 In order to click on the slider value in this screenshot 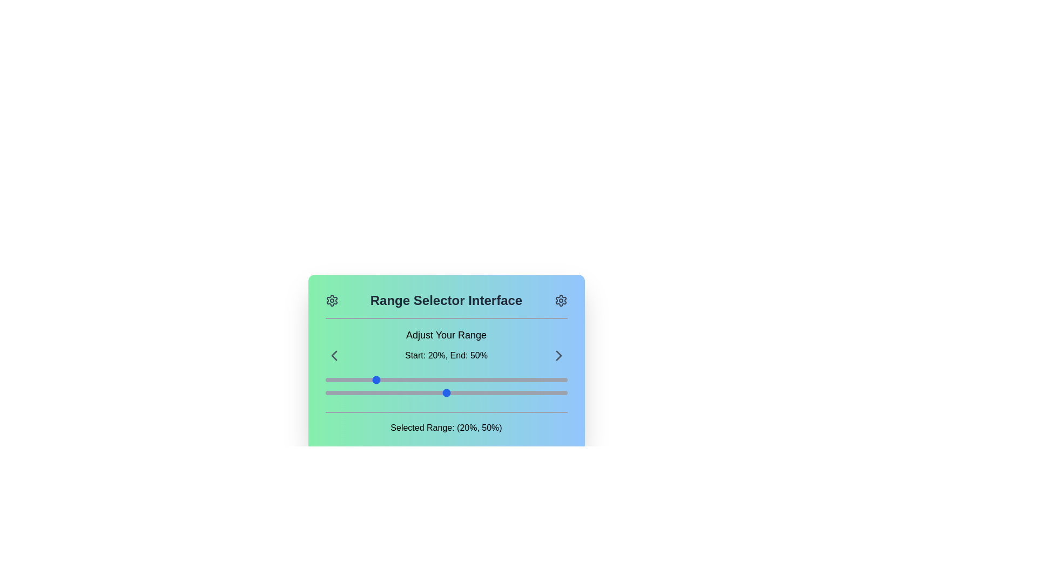, I will do `click(416, 393)`.